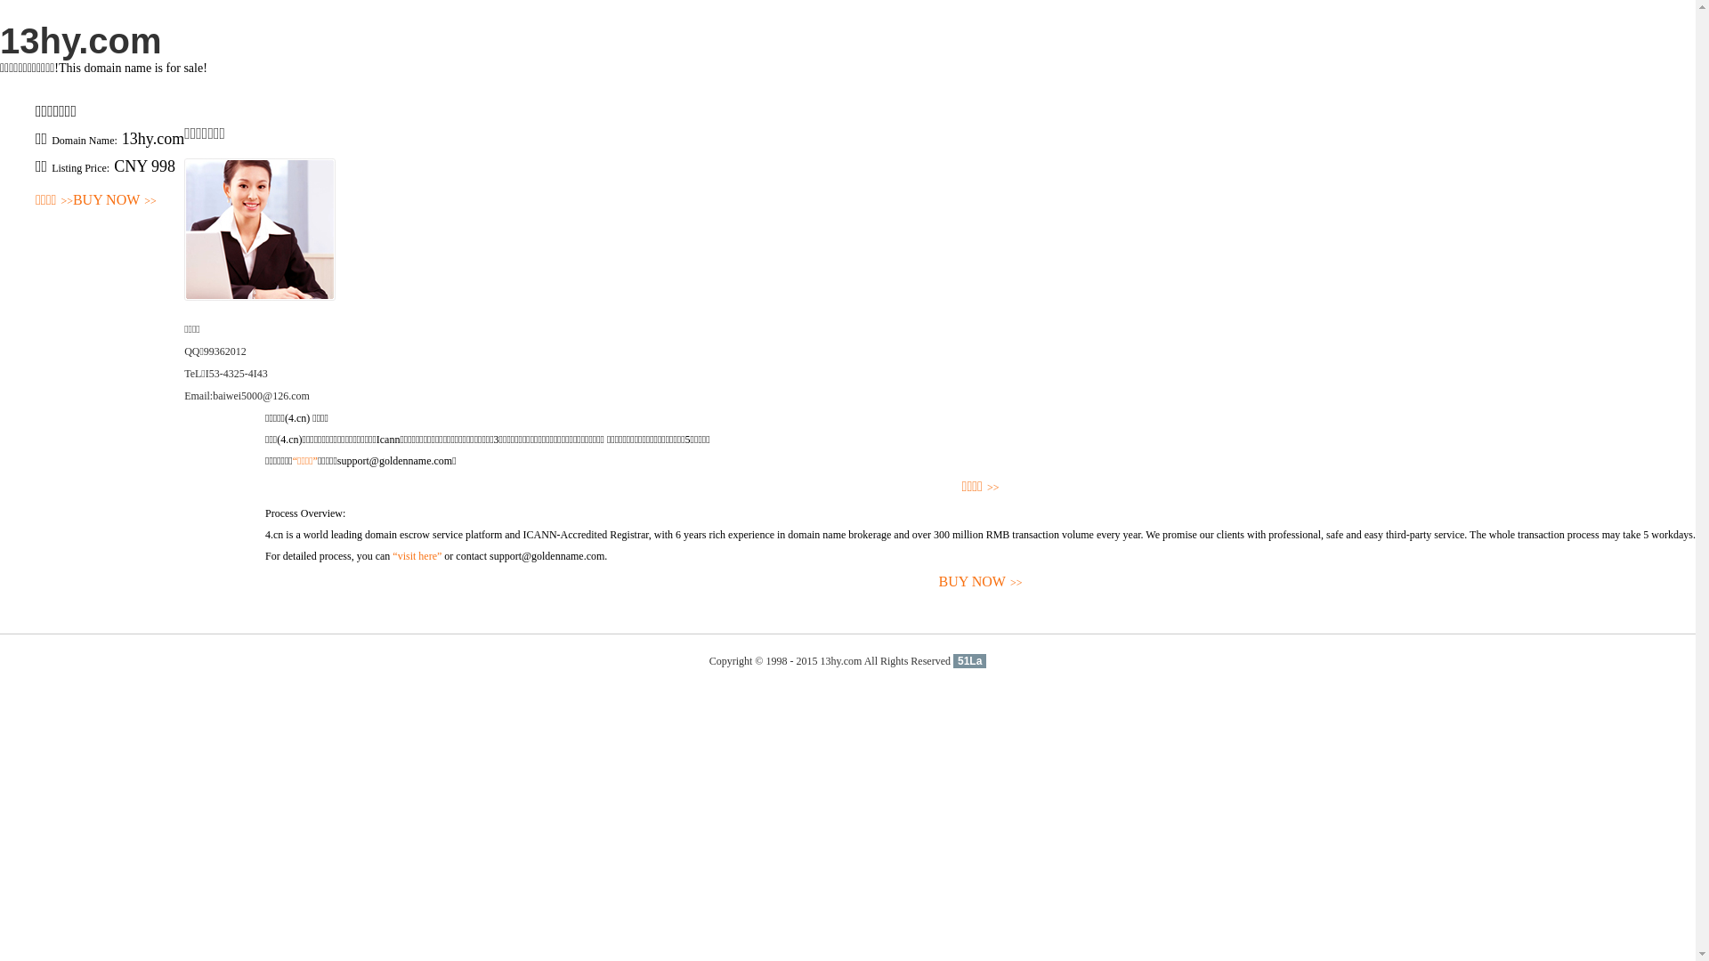 The width and height of the screenshot is (1709, 961). I want to click on 'BUY NOW>>', so click(979, 582).